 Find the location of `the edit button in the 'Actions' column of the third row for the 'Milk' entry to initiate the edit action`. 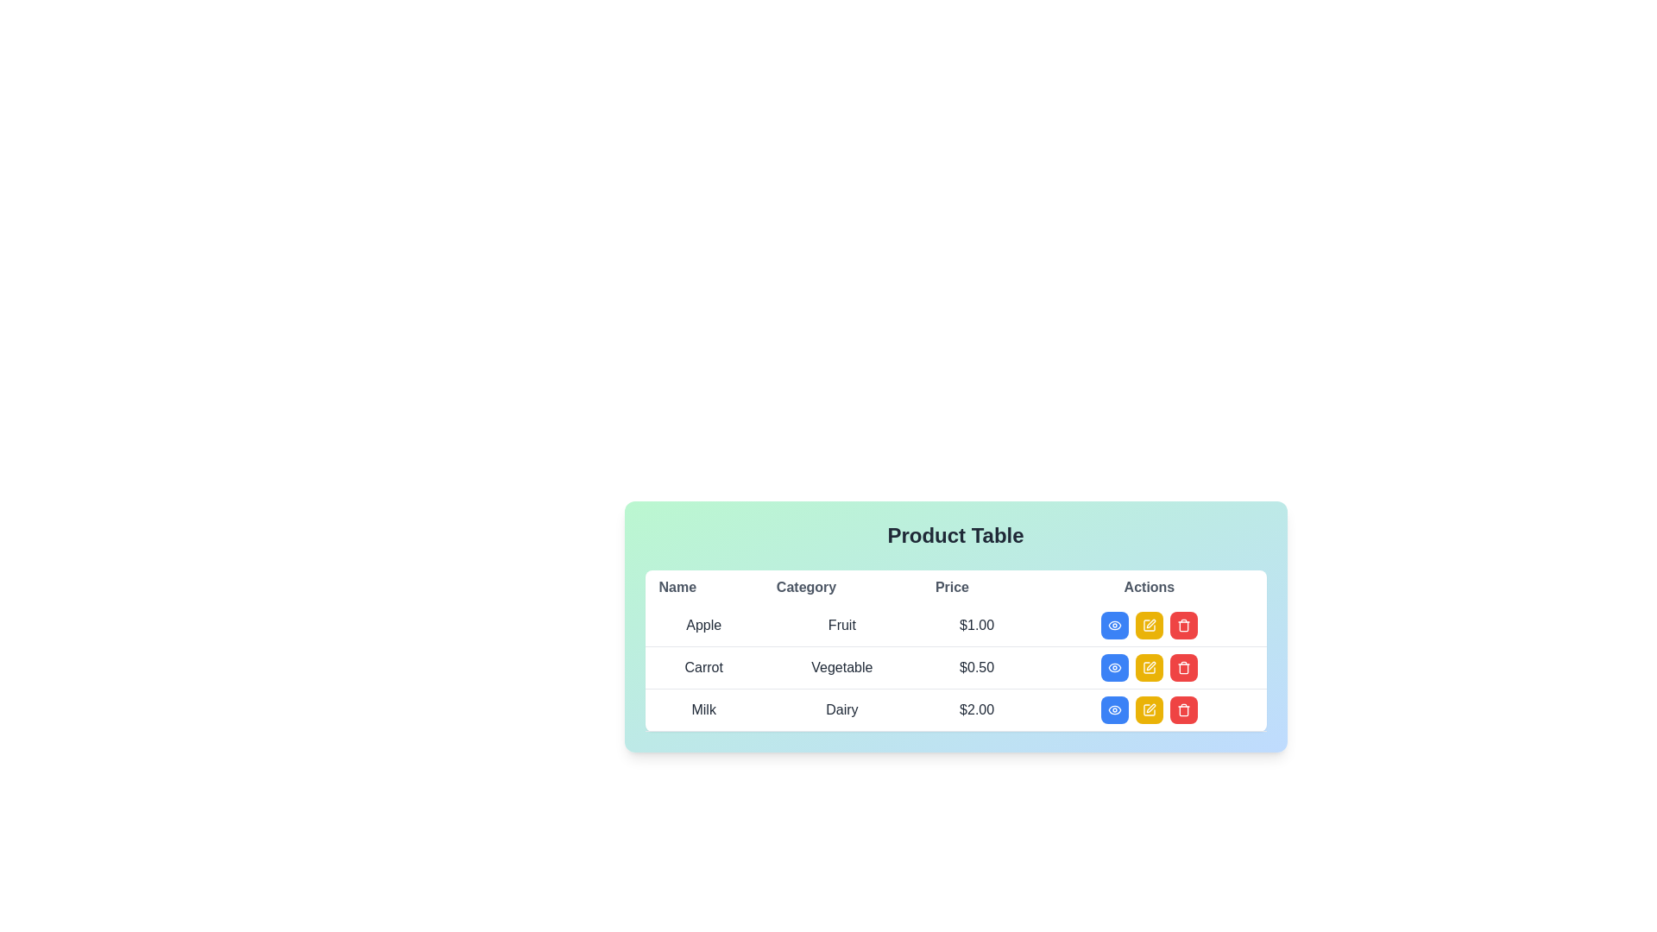

the edit button in the 'Actions' column of the third row for the 'Milk' entry to initiate the edit action is located at coordinates (1149, 709).